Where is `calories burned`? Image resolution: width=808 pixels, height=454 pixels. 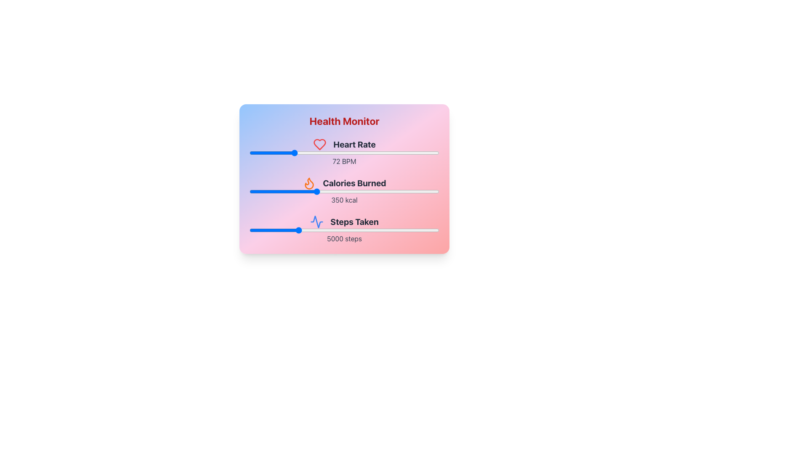 calories burned is located at coordinates (426, 191).